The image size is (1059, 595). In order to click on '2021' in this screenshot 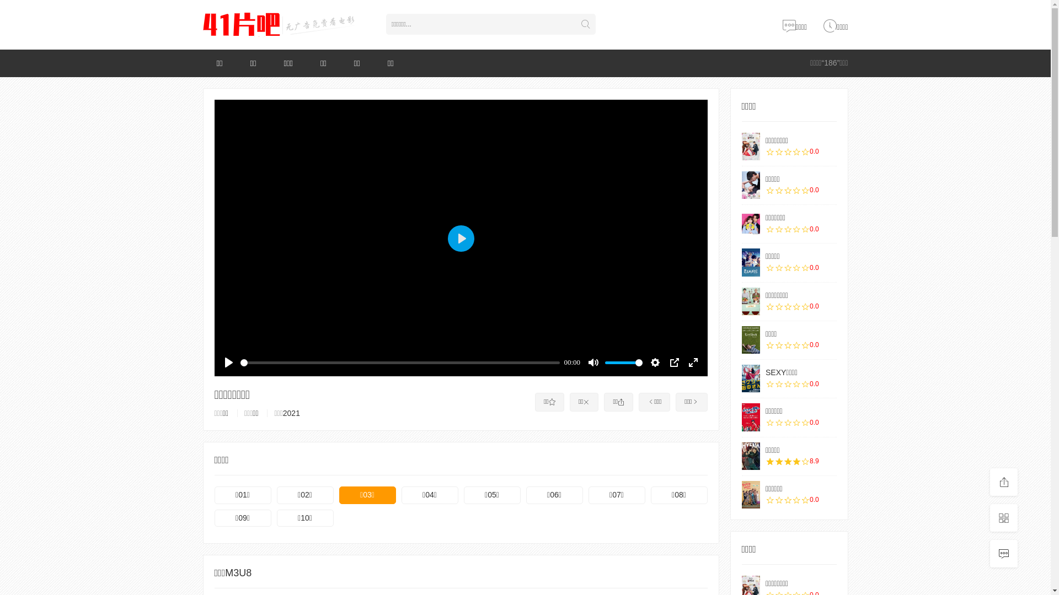, I will do `click(291, 413)`.